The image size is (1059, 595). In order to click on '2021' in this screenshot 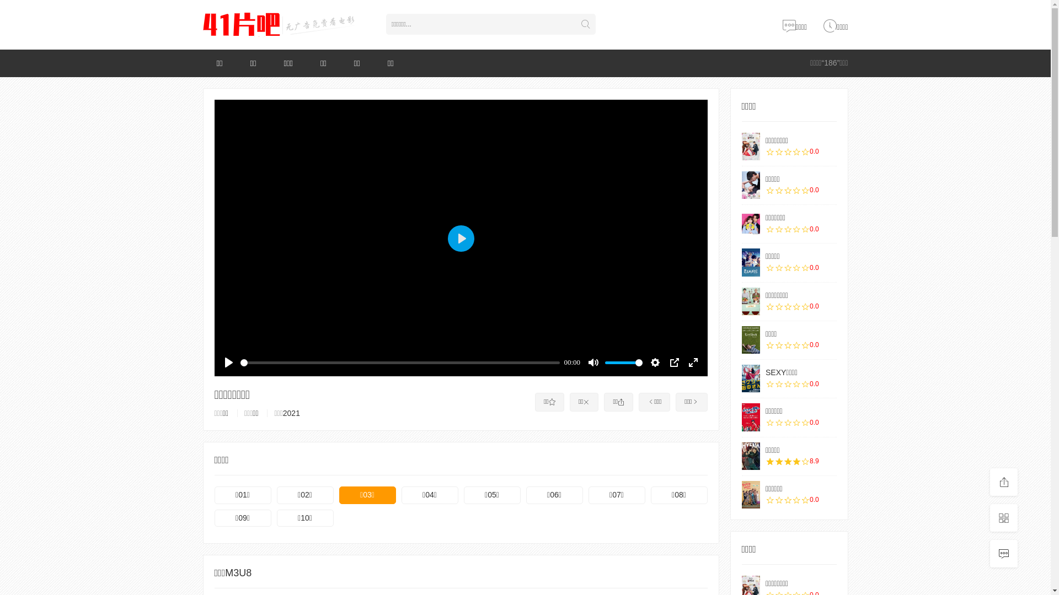, I will do `click(291, 413)`.